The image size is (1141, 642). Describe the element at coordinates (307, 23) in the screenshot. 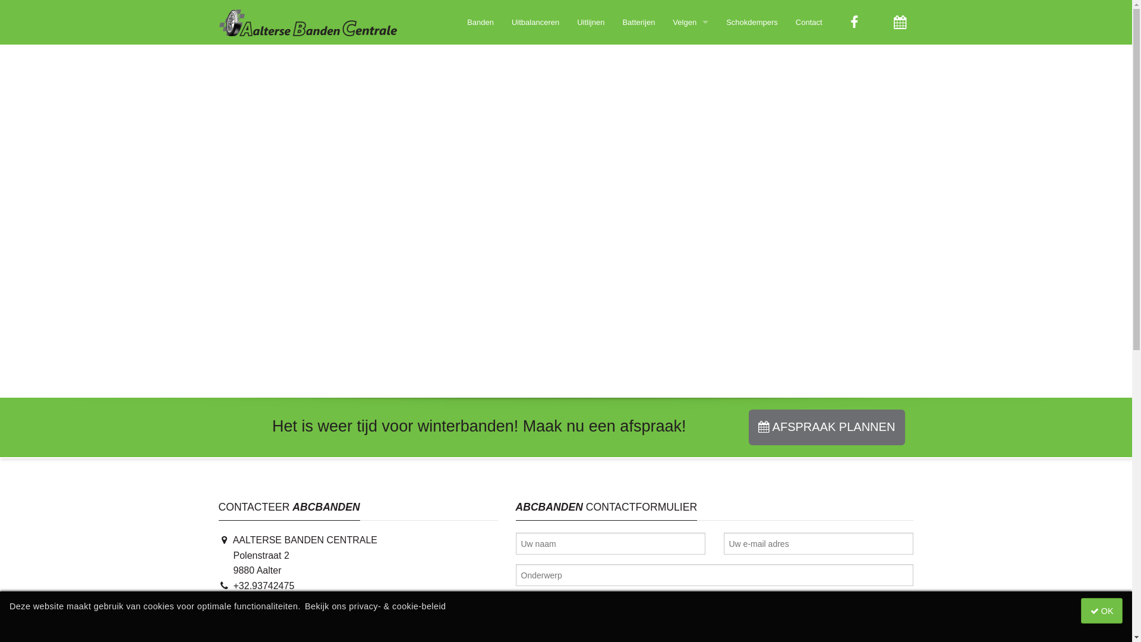

I see `'Startpagina Aalterse Banden Centrale'` at that location.